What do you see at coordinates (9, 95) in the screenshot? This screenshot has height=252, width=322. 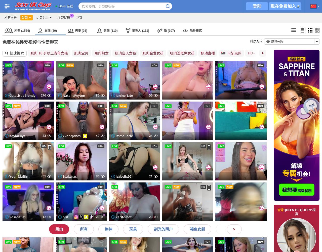 I see `'CuteLittleBlondy'` at bounding box center [9, 95].